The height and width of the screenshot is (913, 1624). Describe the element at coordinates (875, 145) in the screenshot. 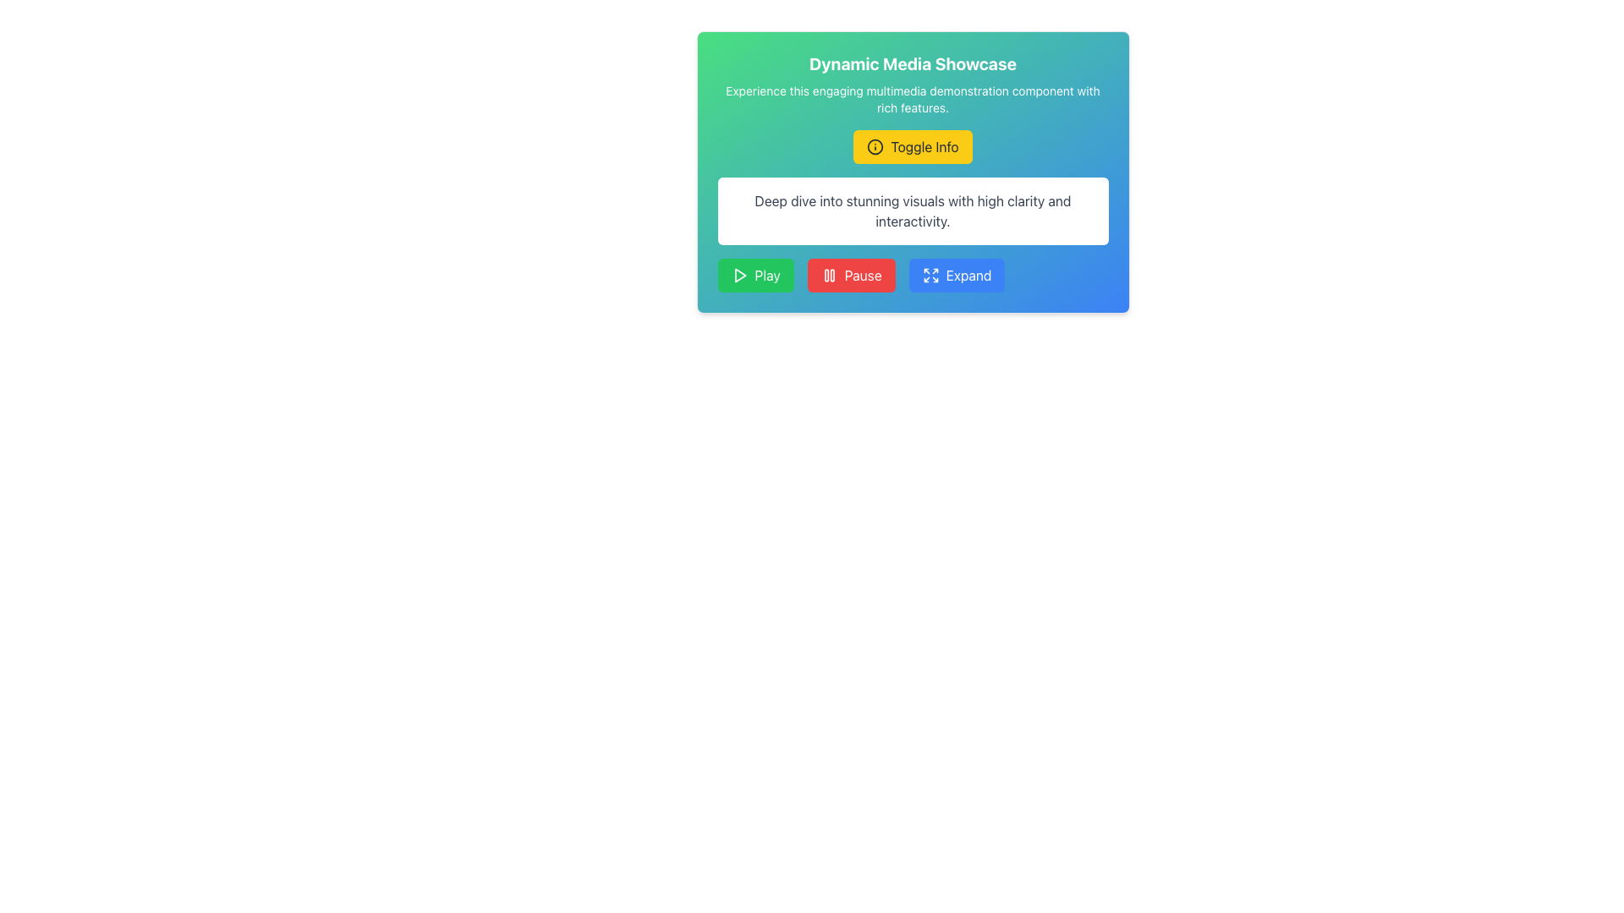

I see `the Decorative SVG component located within the 'Toggle Info' button, near its center` at that location.